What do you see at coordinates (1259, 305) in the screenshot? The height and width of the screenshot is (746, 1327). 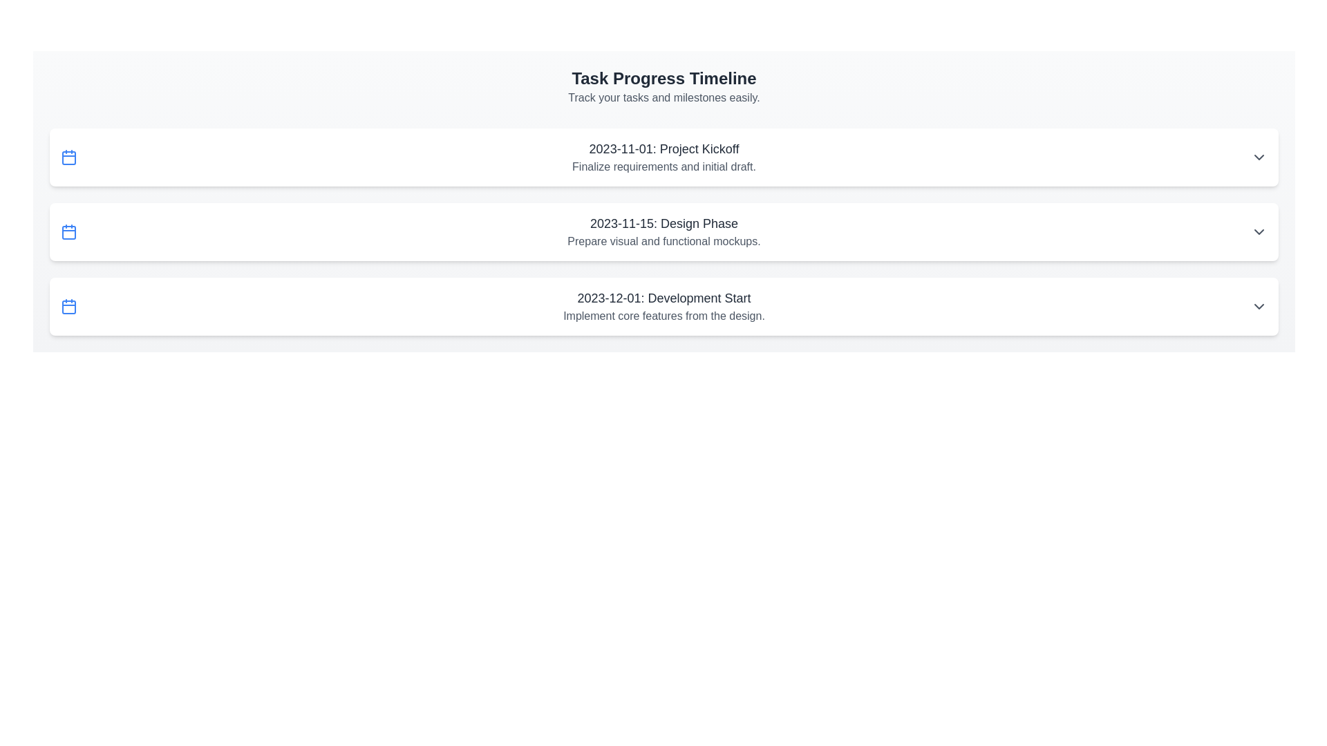 I see `the downward-facing chevron icon button located at the far right of the entry labeled '2023-12-01: Development Start'` at bounding box center [1259, 305].